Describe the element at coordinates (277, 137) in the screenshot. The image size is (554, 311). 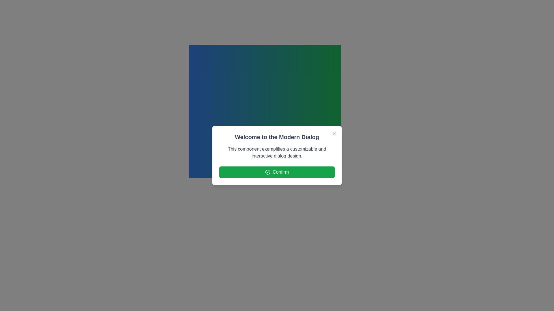
I see `text element displaying 'Welcome to the Modern Dialog', which is a large, bold header positioned centrally within the dialog box` at that location.